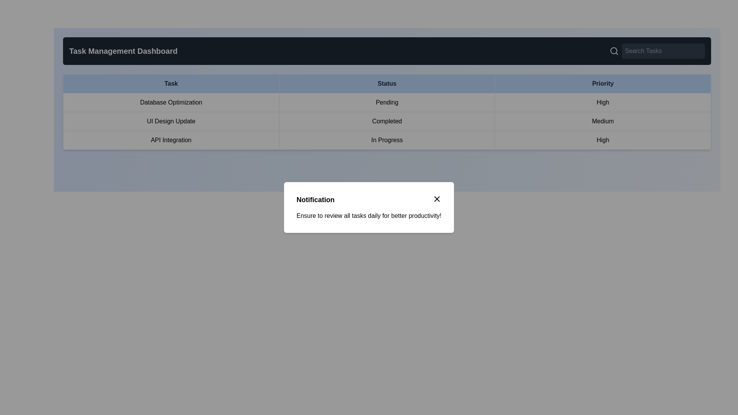  Describe the element at coordinates (123, 51) in the screenshot. I see `the text label reading 'Task Management Dashboard', which is styled in white on a dark gray background and positioned at the top-left of the header bar` at that location.